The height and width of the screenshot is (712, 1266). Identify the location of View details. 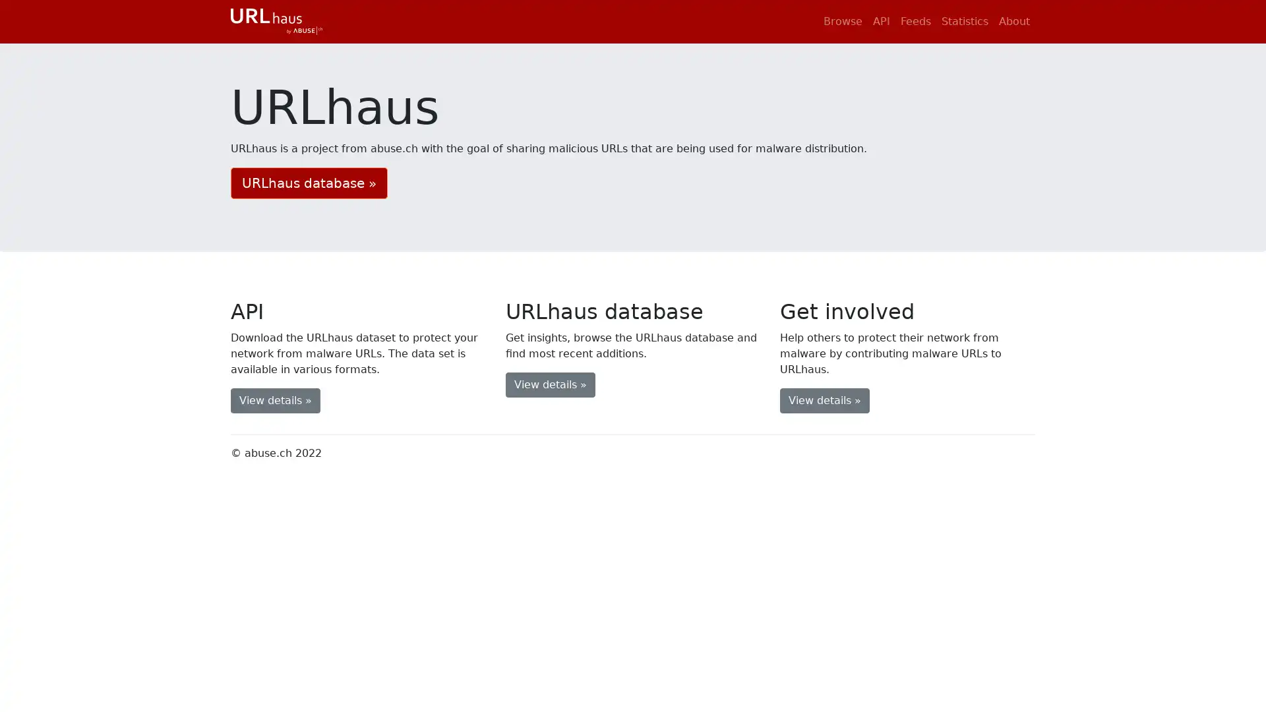
(824, 399).